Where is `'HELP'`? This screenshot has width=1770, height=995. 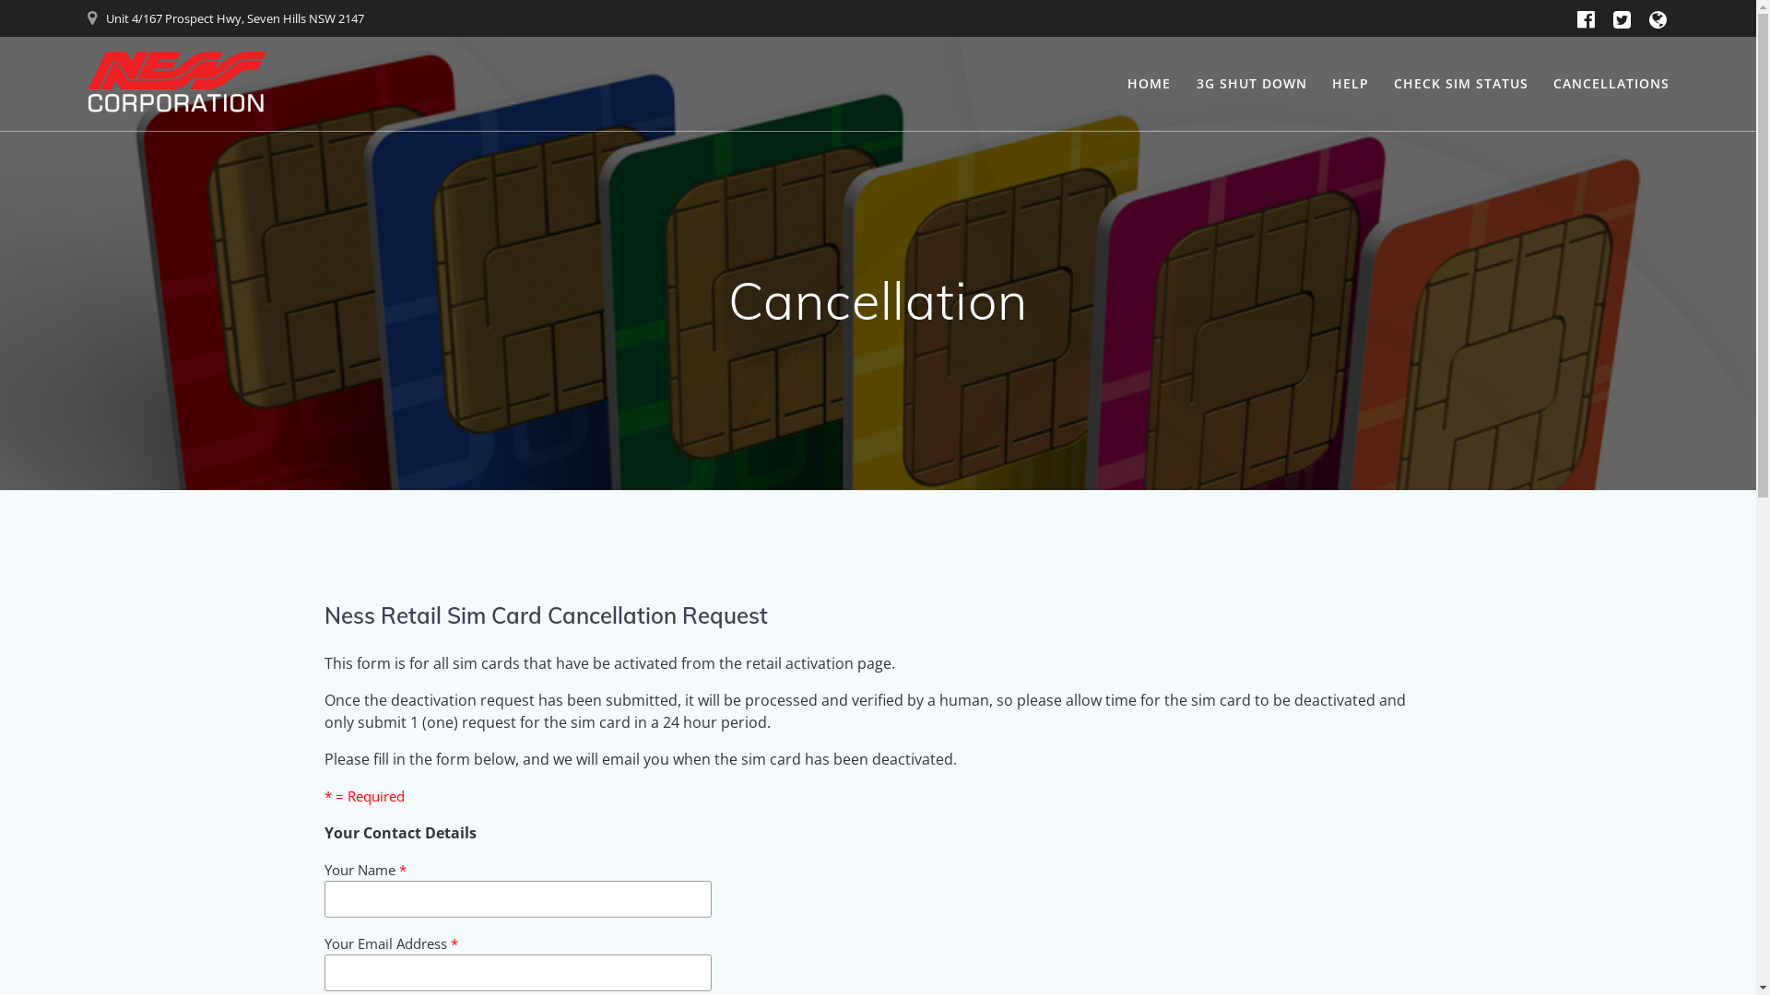
'HELP' is located at coordinates (1350, 84).